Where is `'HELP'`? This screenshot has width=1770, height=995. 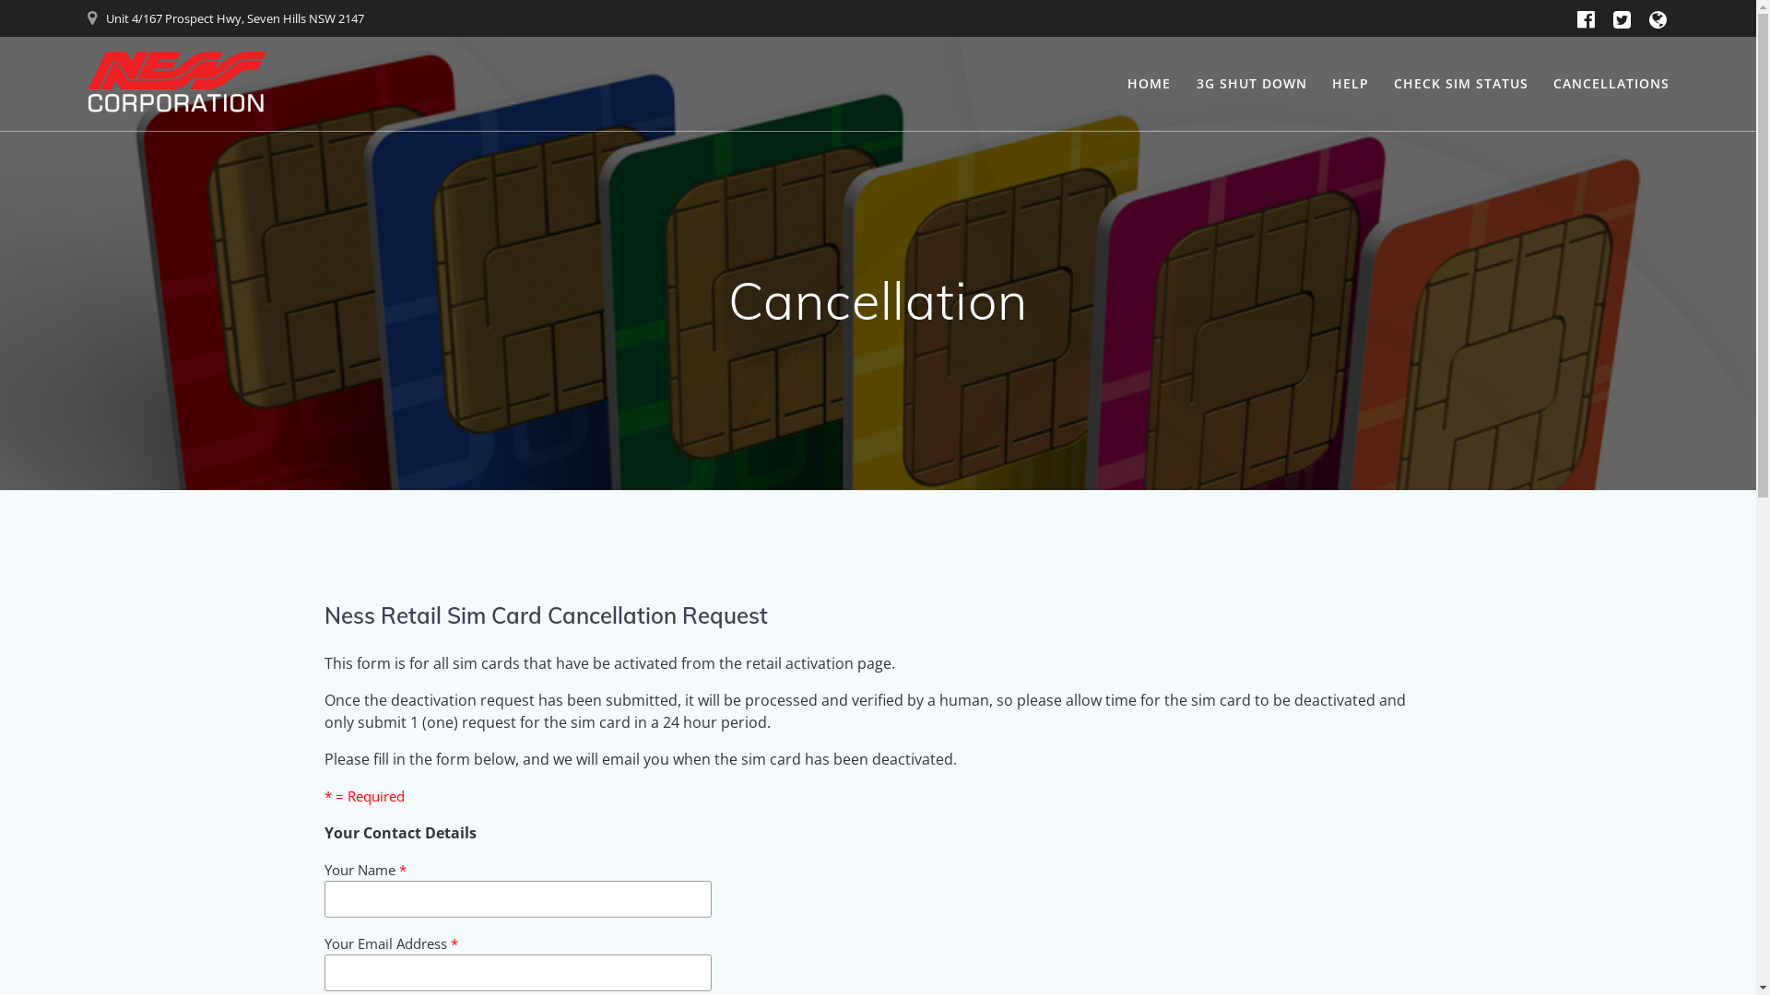
'HELP' is located at coordinates (1350, 84).